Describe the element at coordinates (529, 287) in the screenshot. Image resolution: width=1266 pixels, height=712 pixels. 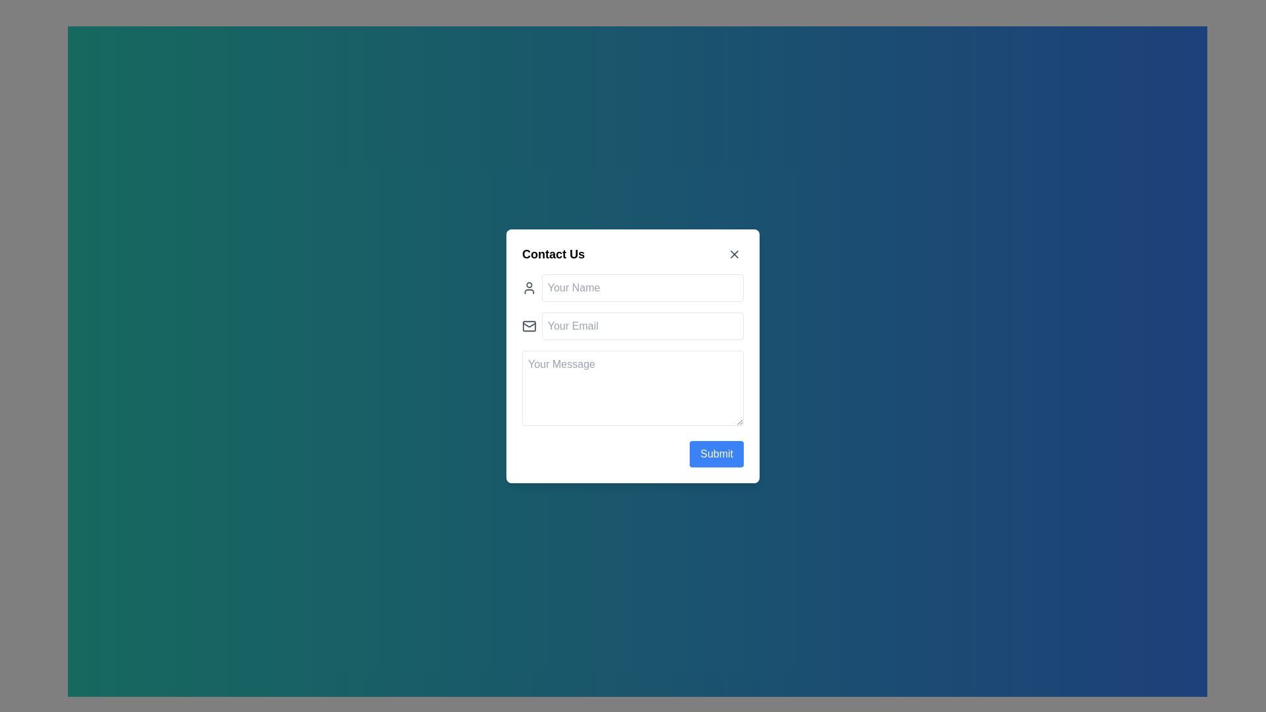
I see `the icon located to the left of the 'Your Name' text input field` at that location.